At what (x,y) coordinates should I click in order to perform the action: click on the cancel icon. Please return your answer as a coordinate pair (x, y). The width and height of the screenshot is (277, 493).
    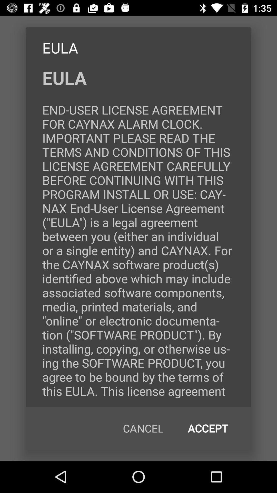
    Looking at the image, I should click on (143, 428).